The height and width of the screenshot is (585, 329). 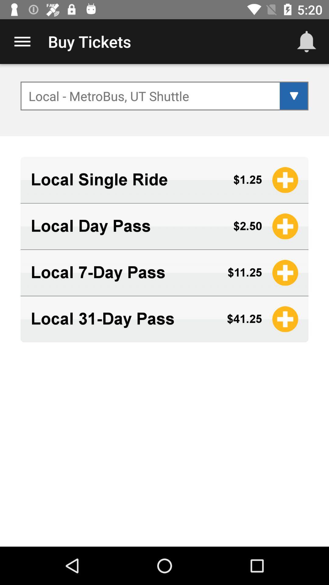 I want to click on item next to buy tickets item, so click(x=22, y=41).